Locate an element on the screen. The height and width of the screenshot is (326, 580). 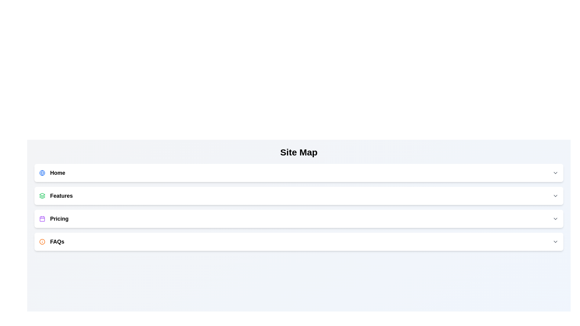
the downward-facing gray chevron icon located on the far right of the 'Home' button is located at coordinates (555, 173).